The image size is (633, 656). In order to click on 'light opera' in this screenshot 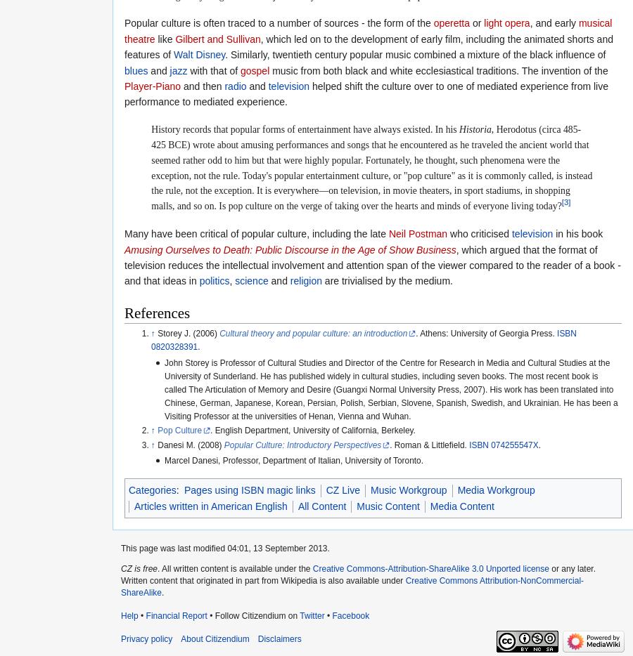, I will do `click(506, 22)`.